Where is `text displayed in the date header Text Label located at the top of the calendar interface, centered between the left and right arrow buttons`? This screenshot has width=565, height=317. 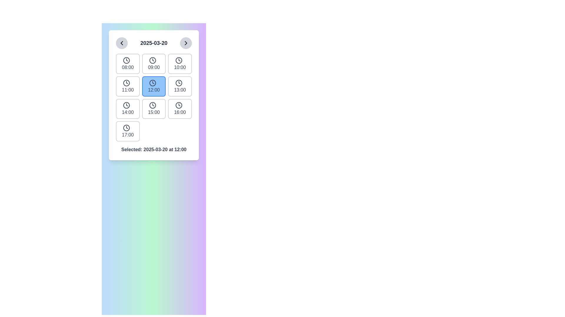
text displayed in the date header Text Label located at the top of the calendar interface, centered between the left and right arrow buttons is located at coordinates (154, 43).